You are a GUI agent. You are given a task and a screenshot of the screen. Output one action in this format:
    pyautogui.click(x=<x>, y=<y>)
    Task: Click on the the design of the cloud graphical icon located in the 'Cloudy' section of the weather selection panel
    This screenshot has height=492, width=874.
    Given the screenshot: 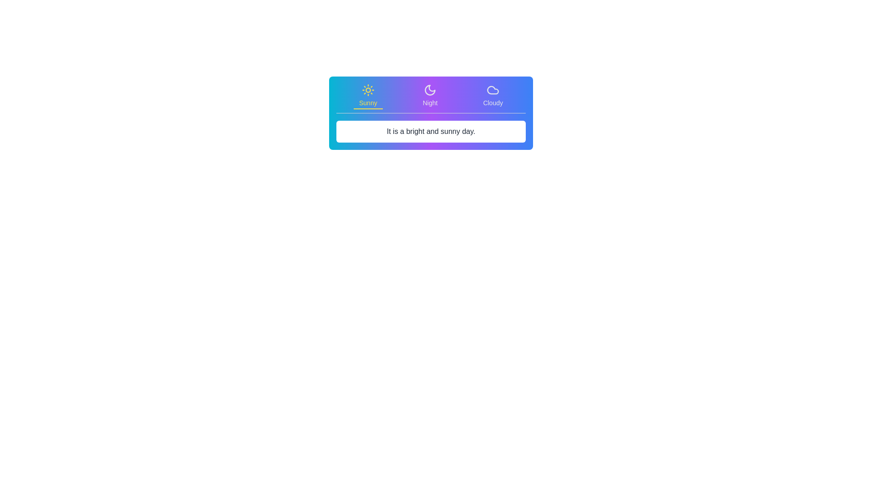 What is the action you would take?
    pyautogui.click(x=493, y=90)
    